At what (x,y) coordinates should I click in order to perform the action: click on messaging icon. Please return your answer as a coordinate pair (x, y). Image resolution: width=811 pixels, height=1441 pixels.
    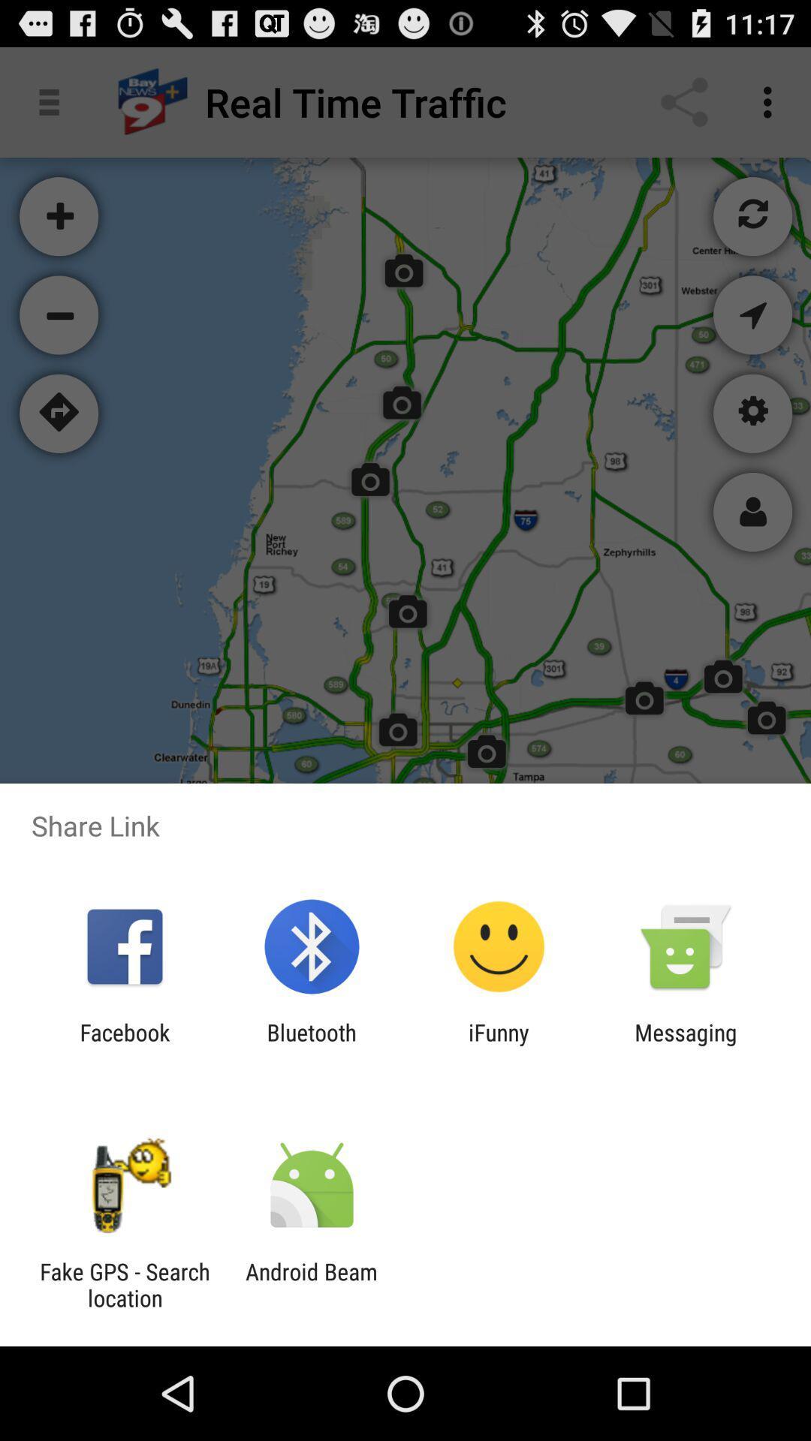
    Looking at the image, I should click on (686, 1045).